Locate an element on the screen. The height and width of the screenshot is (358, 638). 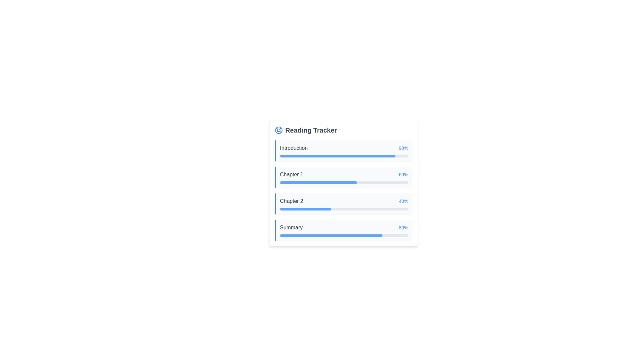
the Progress Tracker element labeled 'Chapter 2' which displays a progress of '40%' on the right side is located at coordinates (343, 203).